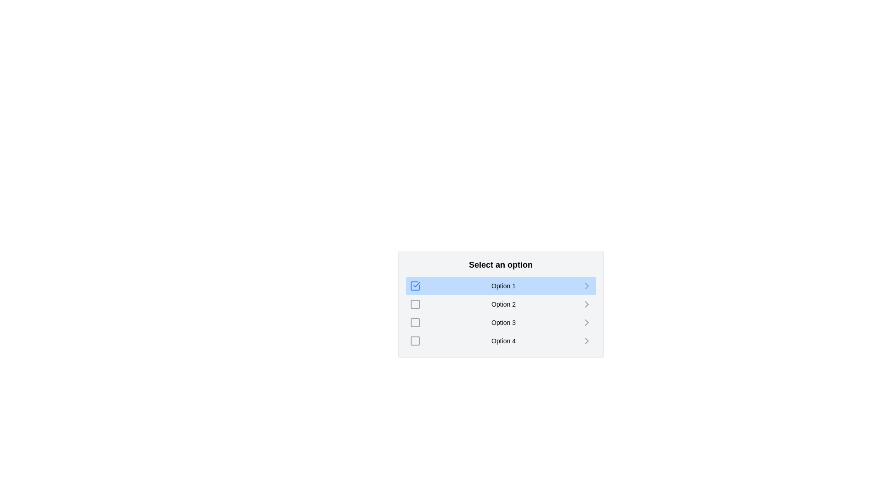  Describe the element at coordinates (500, 341) in the screenshot. I see `the selectable list item labeled 'Option 4'` at that location.